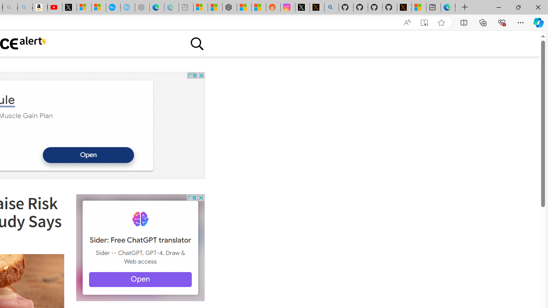  Describe the element at coordinates (229, 7) in the screenshot. I see `'Nordace - Duffels'` at that location.